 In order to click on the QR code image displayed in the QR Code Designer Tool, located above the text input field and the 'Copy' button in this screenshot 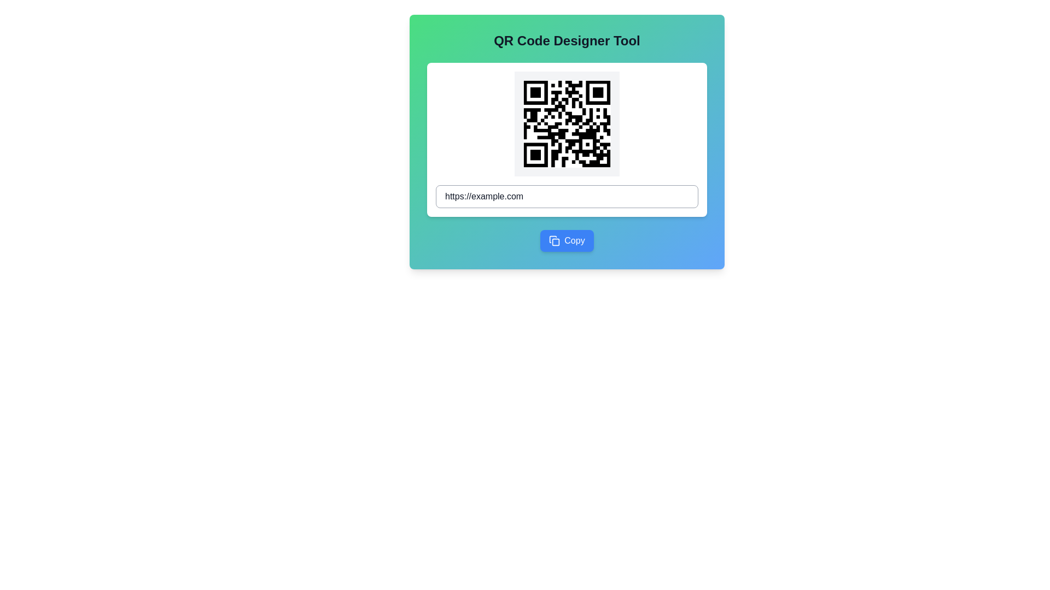, I will do `click(567, 157)`.